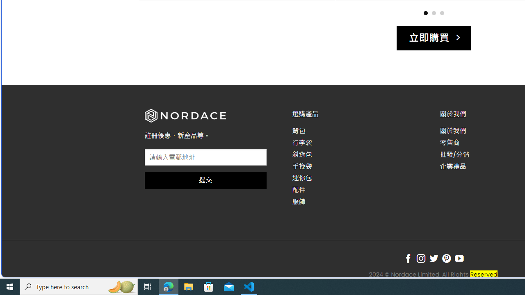  I want to click on 'Follow on Twitter', so click(433, 259).